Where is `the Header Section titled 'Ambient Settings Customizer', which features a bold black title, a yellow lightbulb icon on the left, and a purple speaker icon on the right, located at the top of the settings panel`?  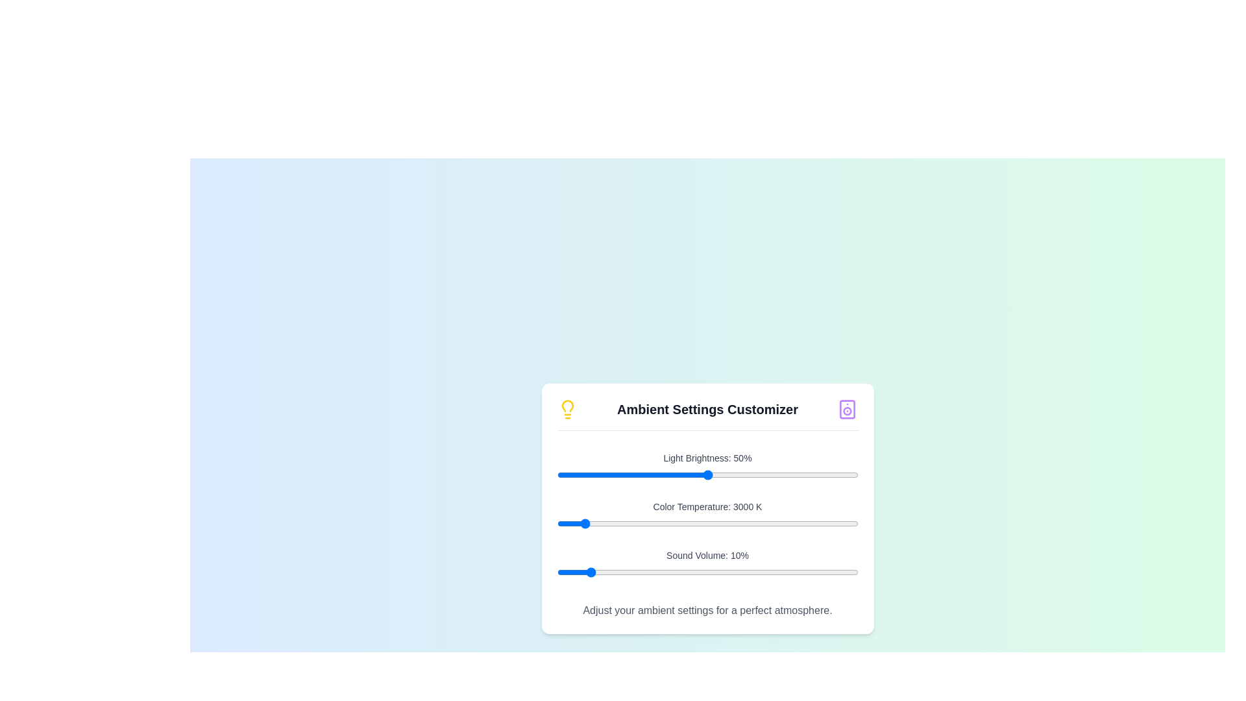
the Header Section titled 'Ambient Settings Customizer', which features a bold black title, a yellow lightbulb icon on the left, and a purple speaker icon on the right, located at the top of the settings panel is located at coordinates (707, 415).